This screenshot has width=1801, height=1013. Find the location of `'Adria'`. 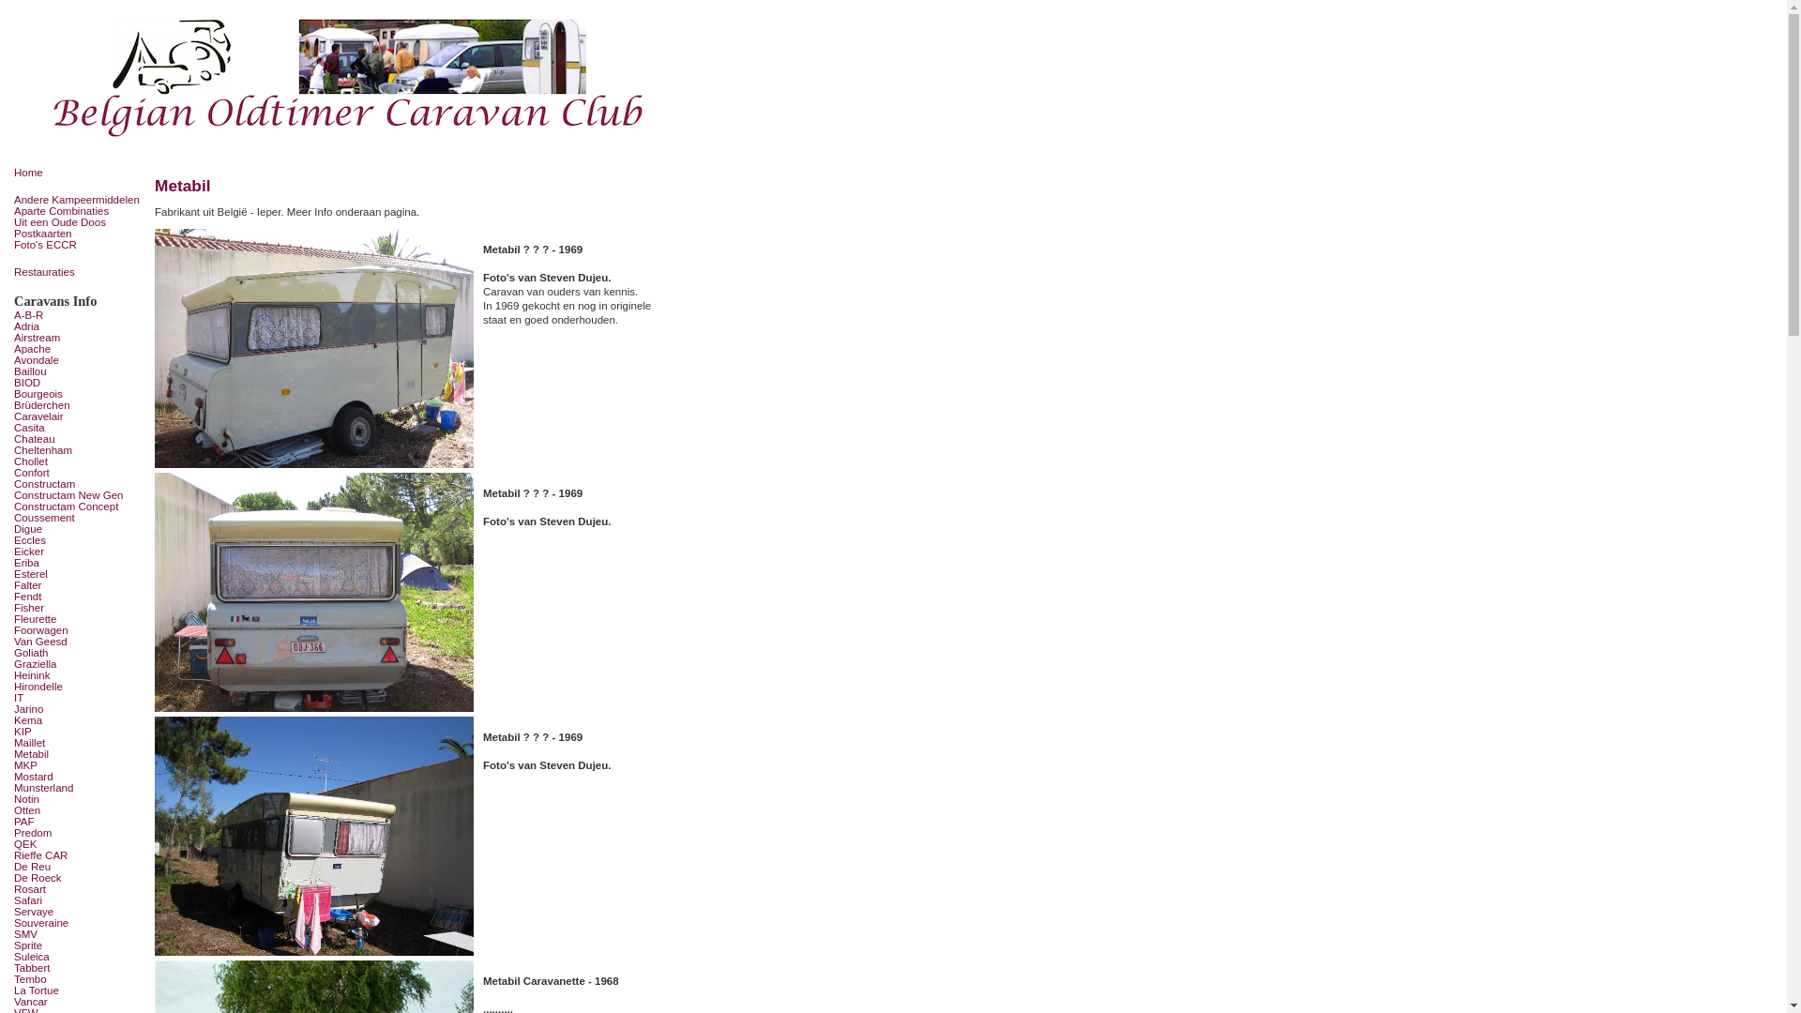

'Adria' is located at coordinates (13, 325).